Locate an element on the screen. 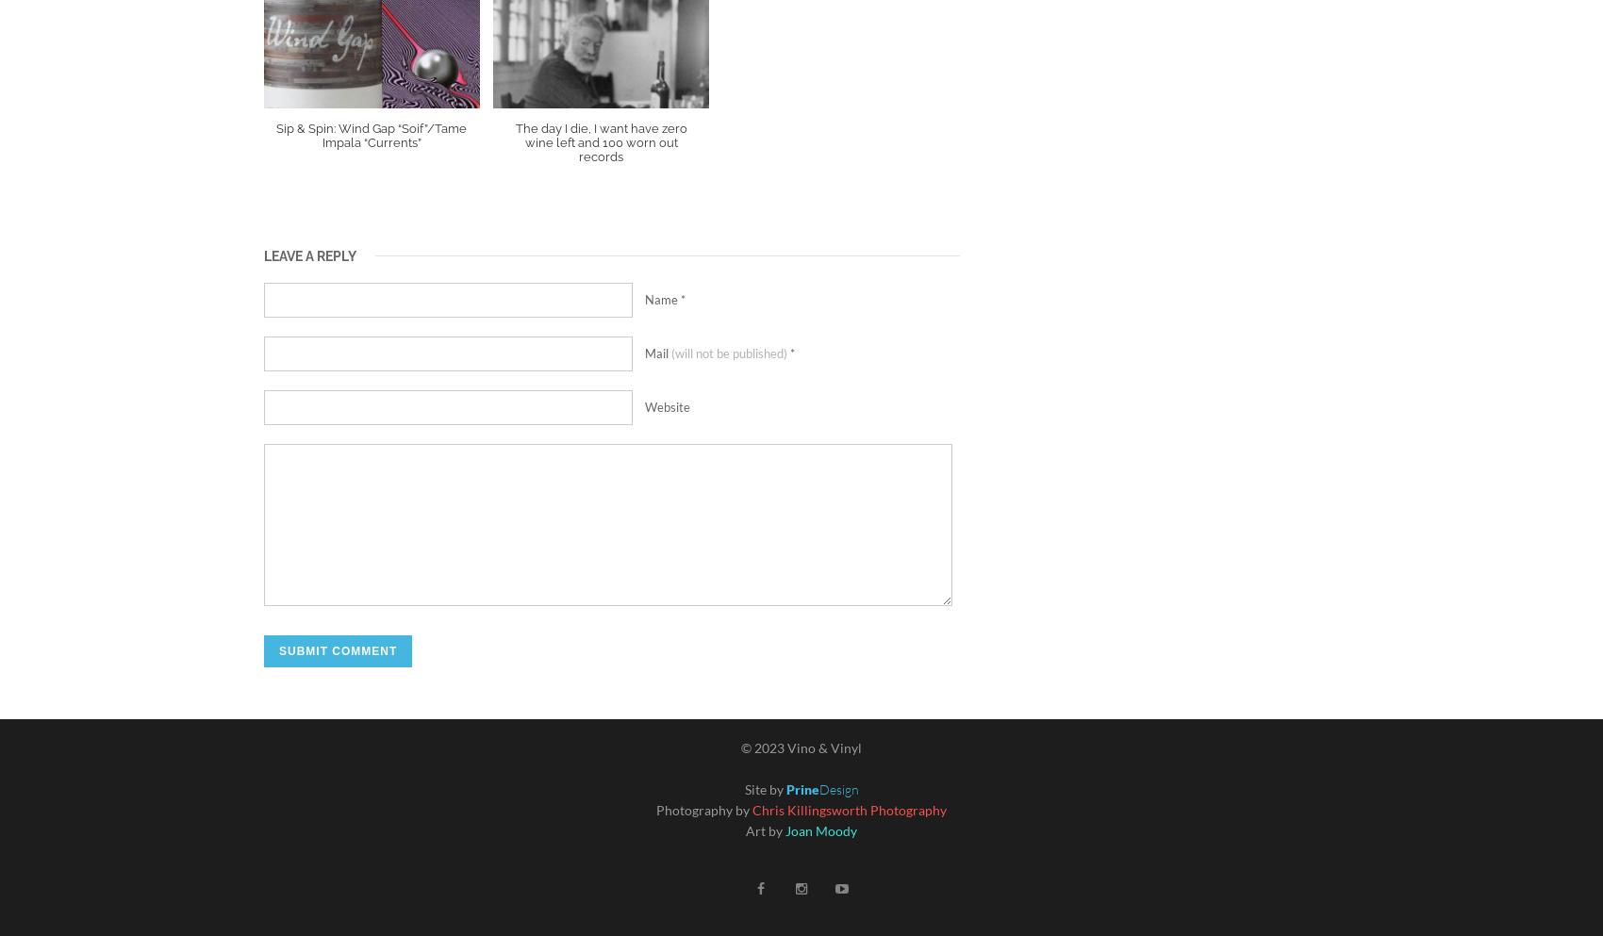 The width and height of the screenshot is (1603, 936). 'Art by' is located at coordinates (764, 829).